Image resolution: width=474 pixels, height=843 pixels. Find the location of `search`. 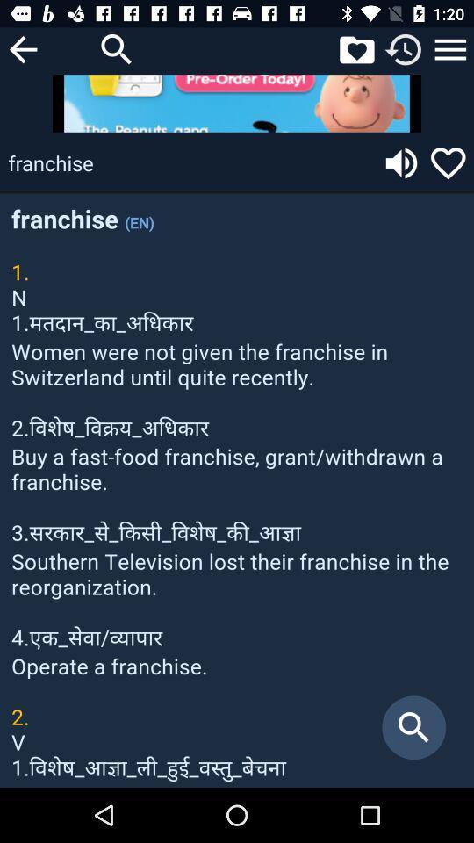

search is located at coordinates (117, 48).